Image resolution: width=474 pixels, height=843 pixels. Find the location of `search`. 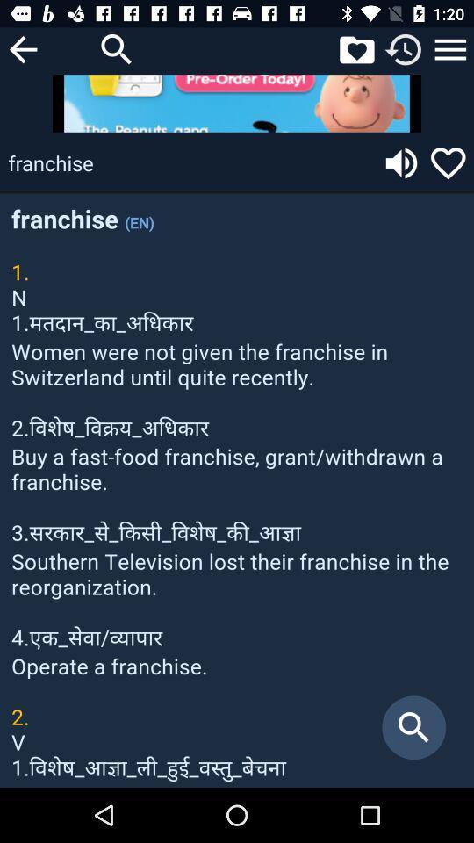

search is located at coordinates (117, 48).